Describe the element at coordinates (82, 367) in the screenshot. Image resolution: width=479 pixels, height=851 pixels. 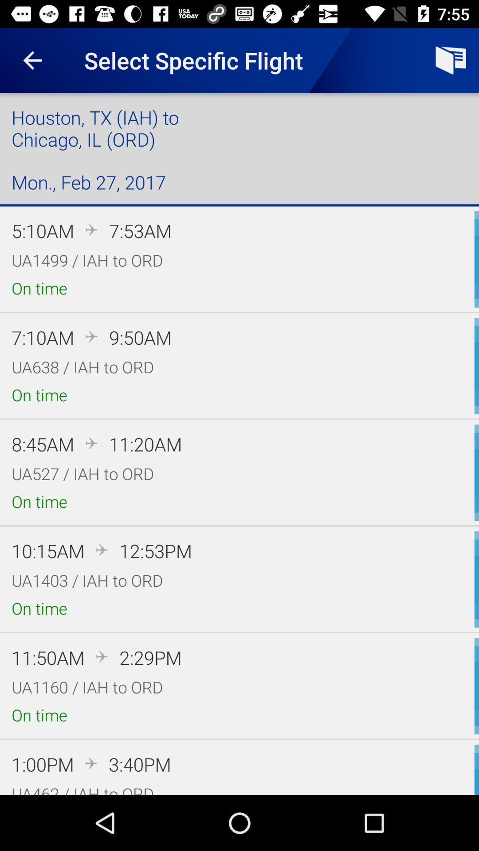
I see `icon above the on time item` at that location.